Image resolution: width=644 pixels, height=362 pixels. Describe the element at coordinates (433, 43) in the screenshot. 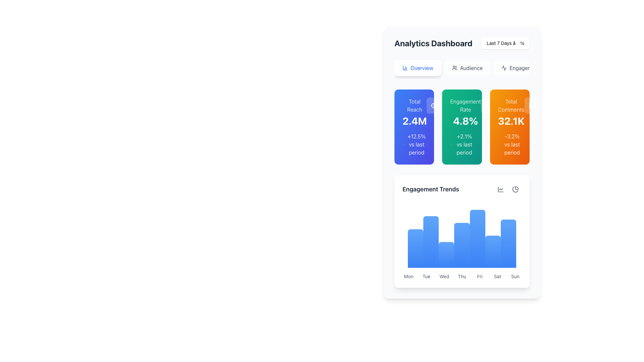

I see `the Static Text Label that reads 'Analytics Dashboard', styled with a bold and large font, located prominently at the top of the widget area` at that location.